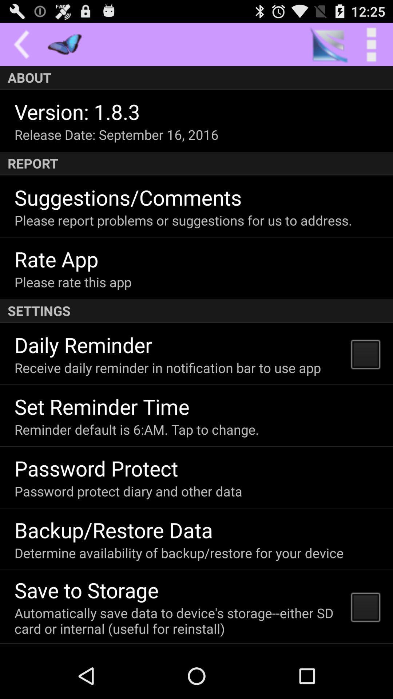 The image size is (393, 699). Describe the element at coordinates (77, 111) in the screenshot. I see `version 1 8 item` at that location.